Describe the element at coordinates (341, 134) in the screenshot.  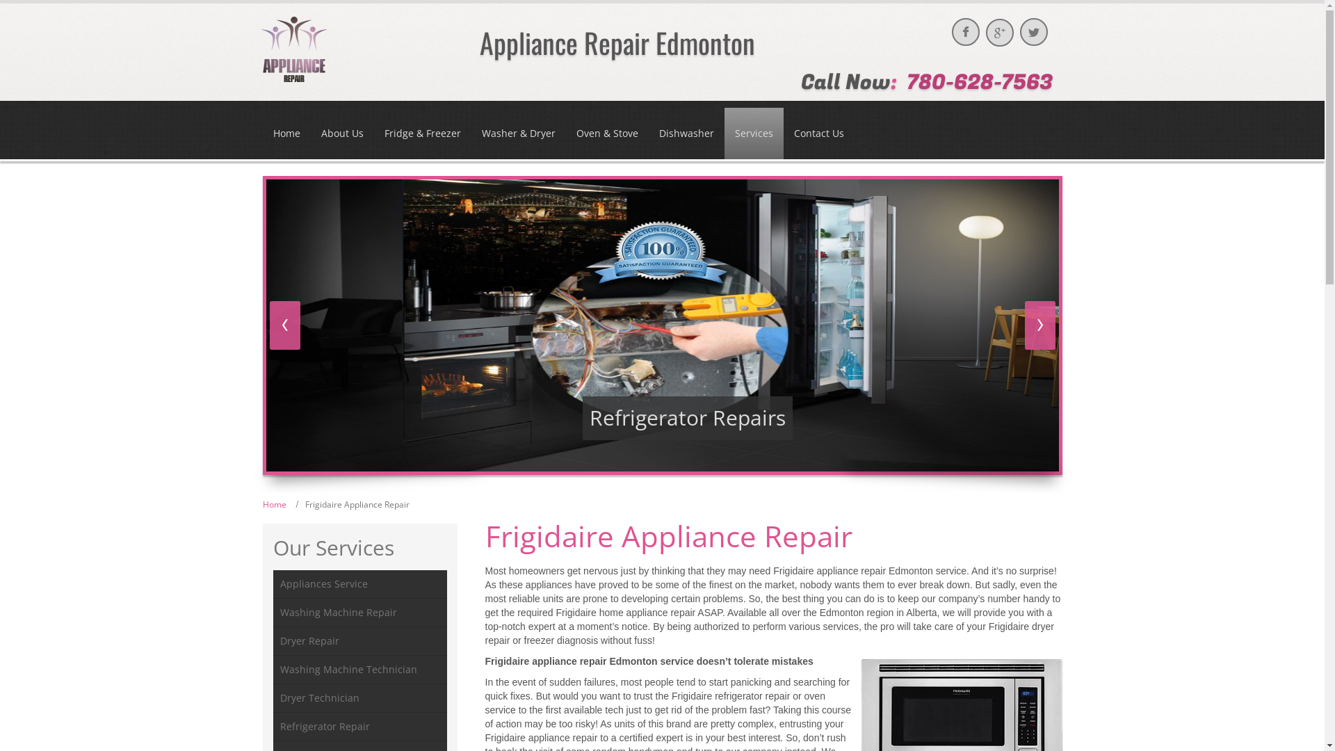
I see `'About Us'` at that location.